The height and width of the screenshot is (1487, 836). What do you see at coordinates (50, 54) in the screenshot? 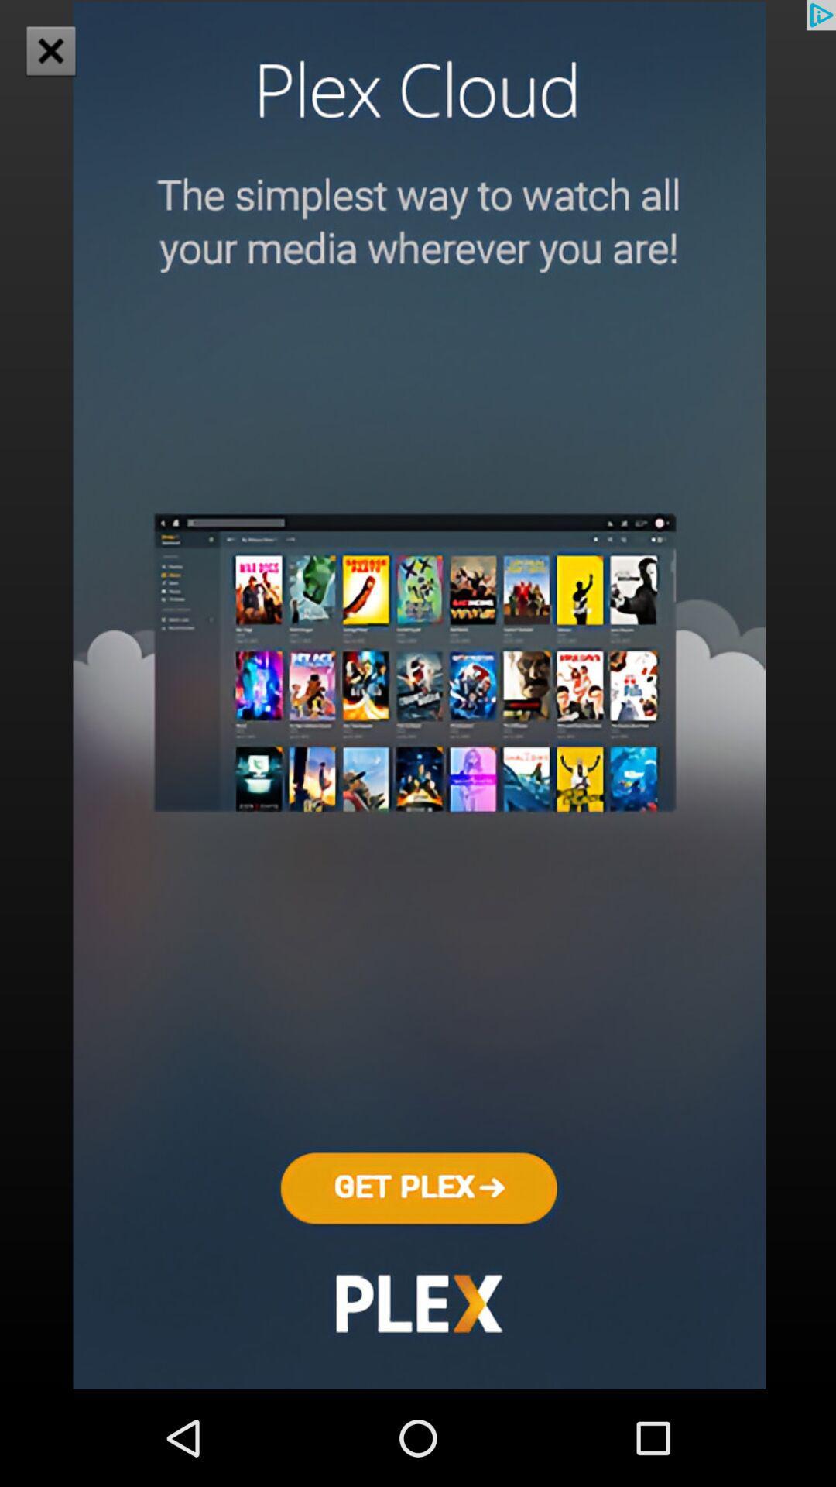
I see `the close icon` at bounding box center [50, 54].